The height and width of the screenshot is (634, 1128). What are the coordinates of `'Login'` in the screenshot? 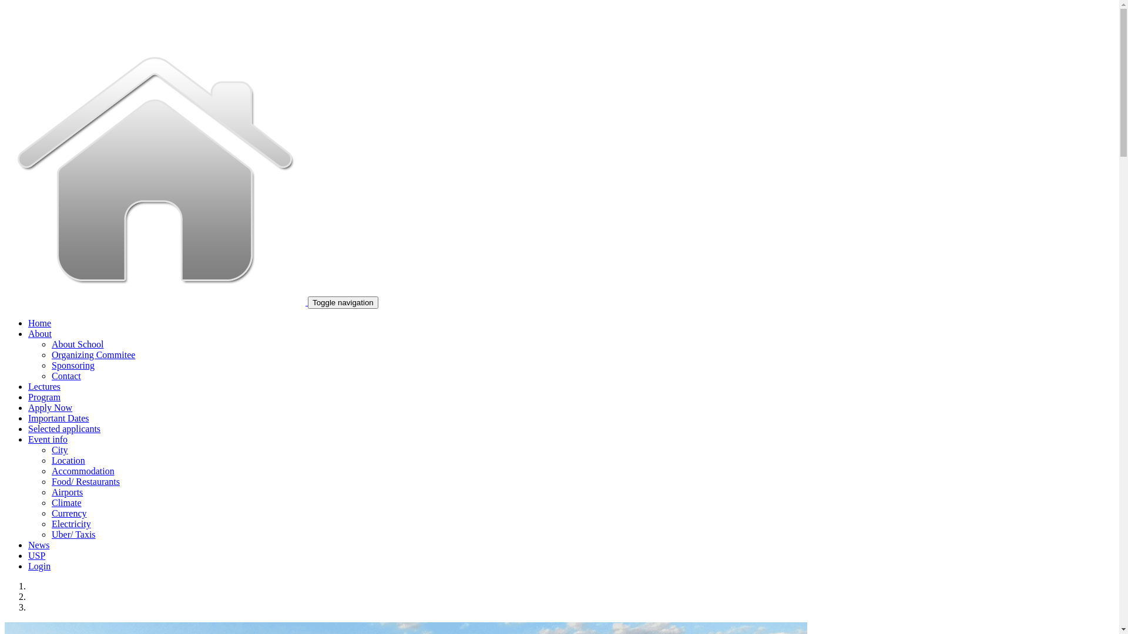 It's located at (39, 565).